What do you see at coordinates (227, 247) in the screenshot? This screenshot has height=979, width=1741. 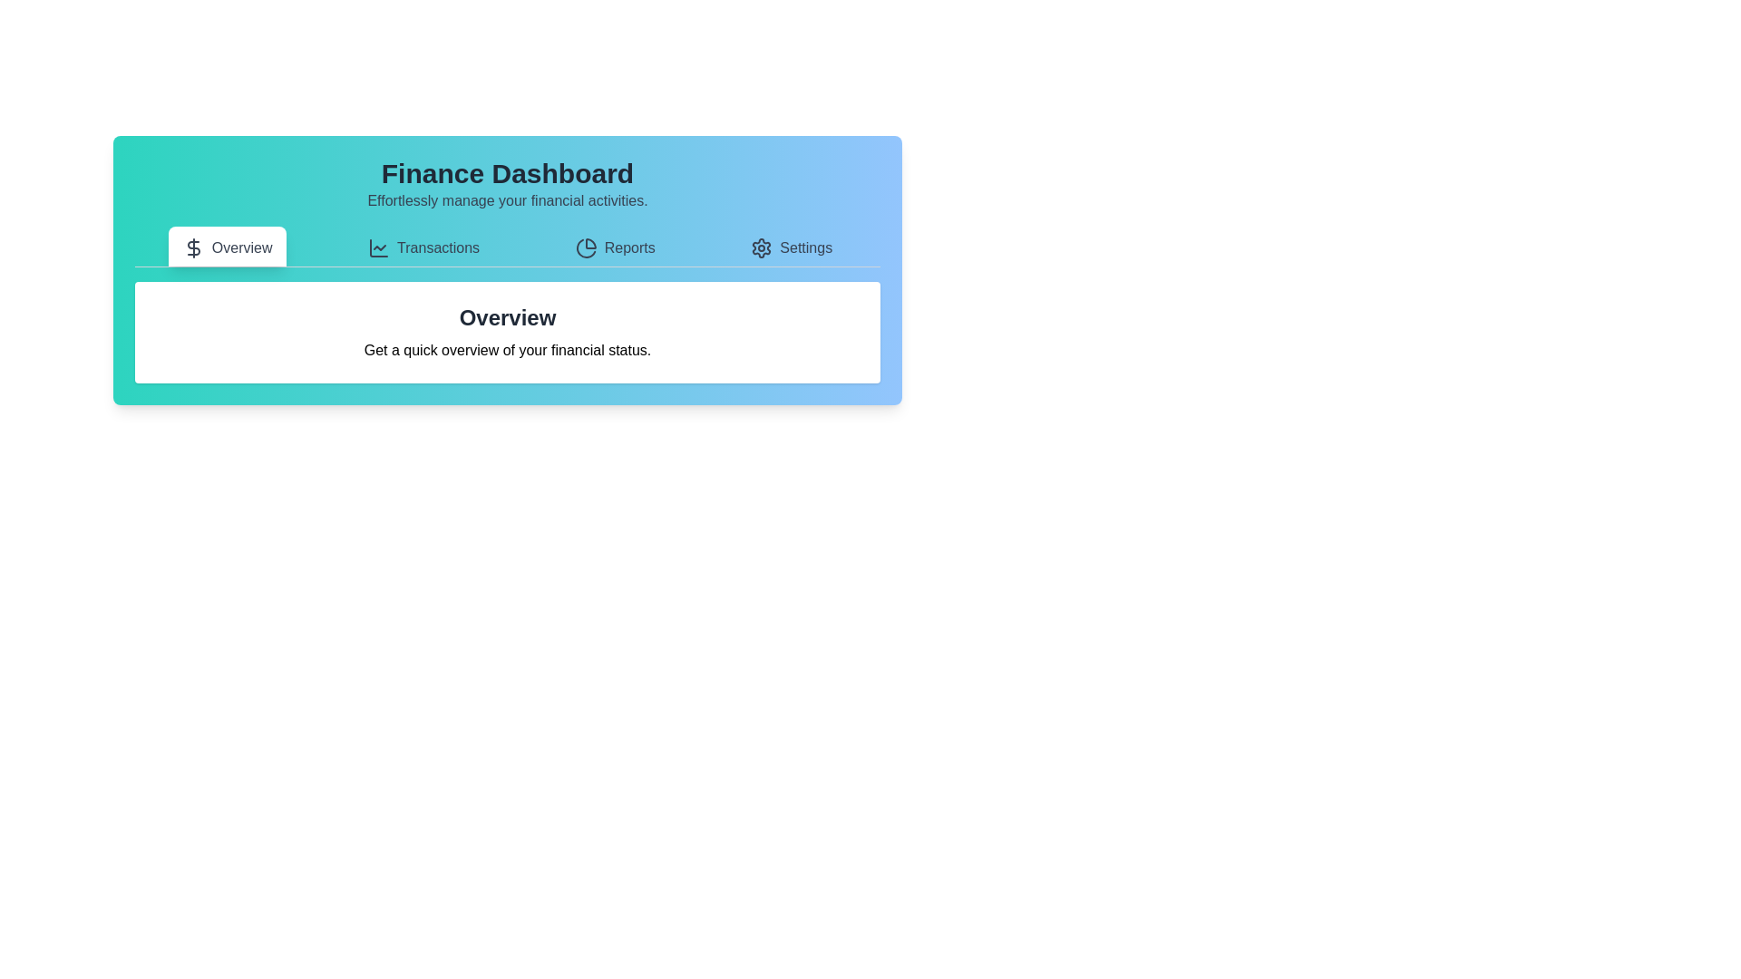 I see `the tab labeled Overview to view its content` at bounding box center [227, 247].